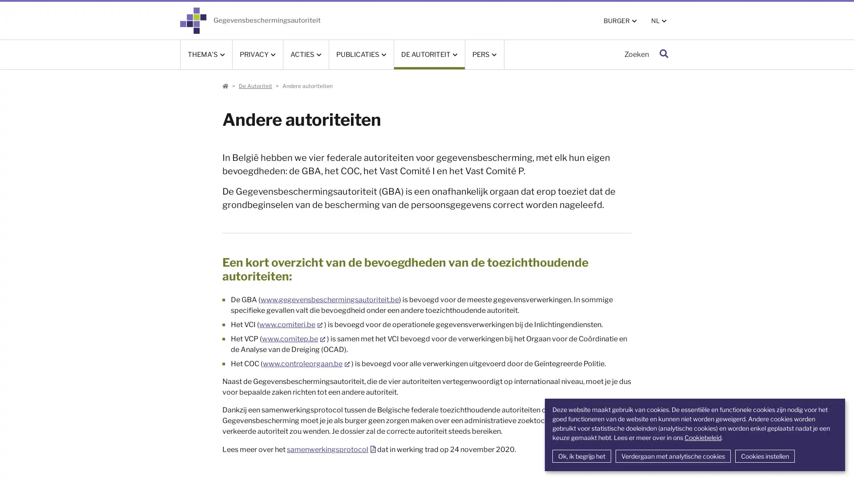  What do you see at coordinates (764, 456) in the screenshot?
I see `Cookies instellen` at bounding box center [764, 456].